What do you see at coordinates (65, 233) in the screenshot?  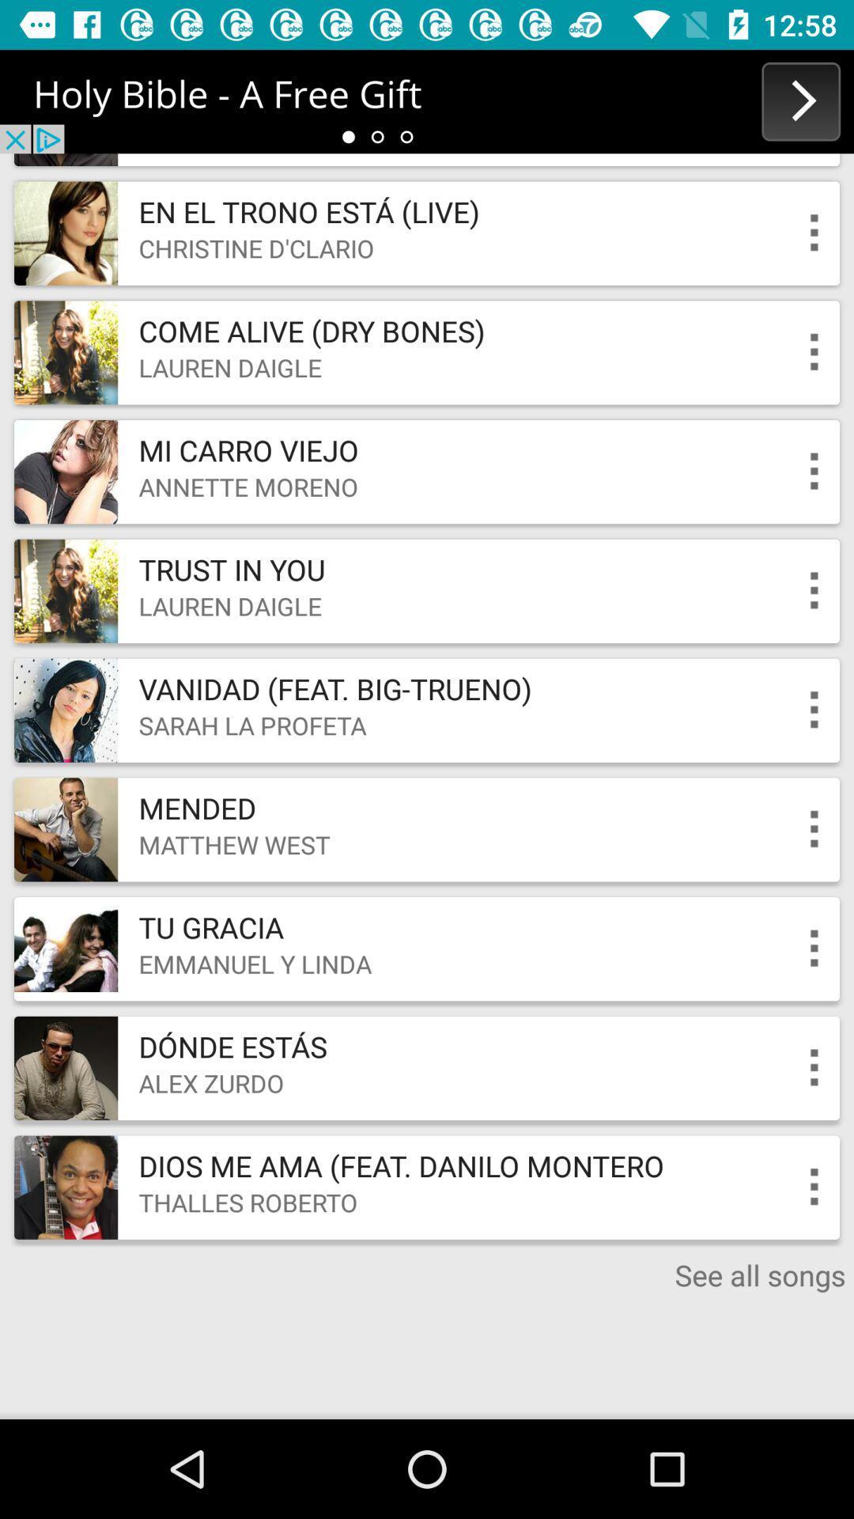 I see `the first image` at bounding box center [65, 233].